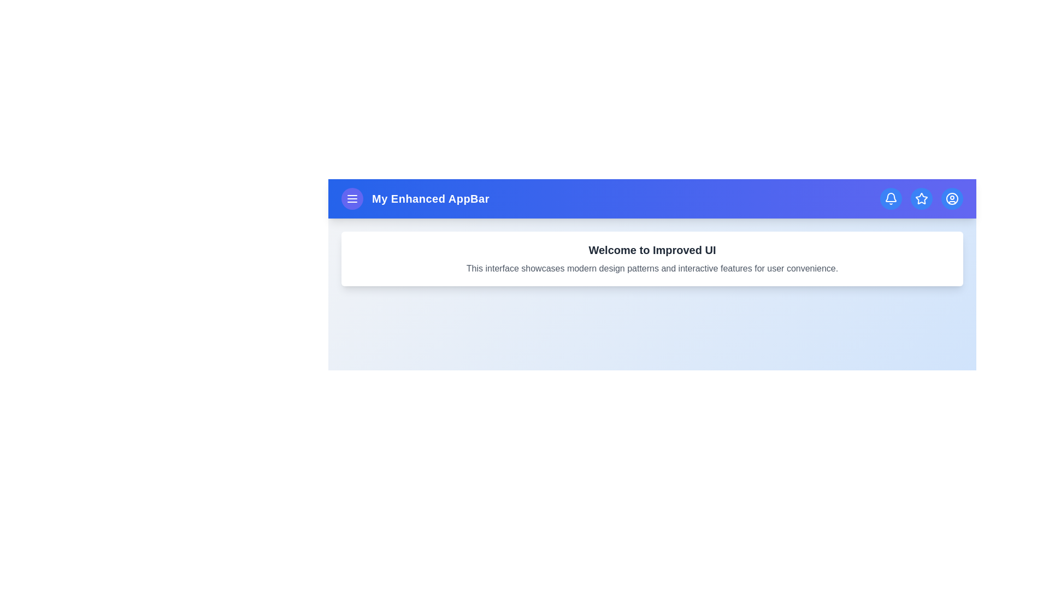 The width and height of the screenshot is (1049, 590). I want to click on the menu button to open the side menu, so click(352, 198).